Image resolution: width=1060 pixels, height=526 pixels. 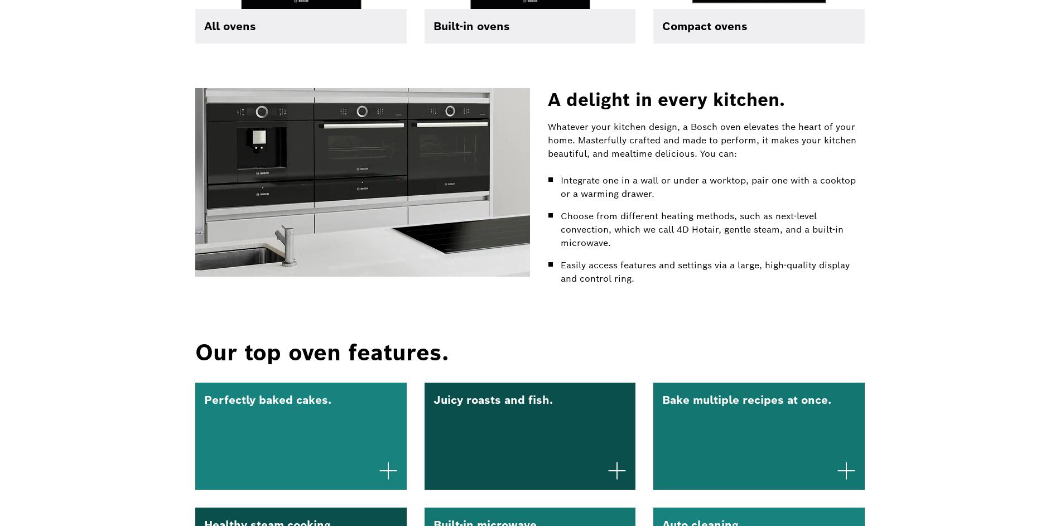 What do you see at coordinates (383, 139) in the screenshot?
I see `'Awards'` at bounding box center [383, 139].